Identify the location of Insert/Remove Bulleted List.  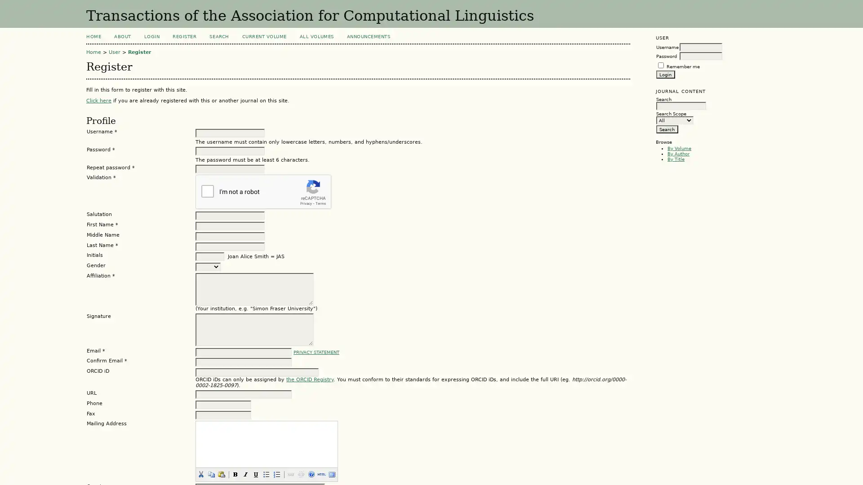
(265, 474).